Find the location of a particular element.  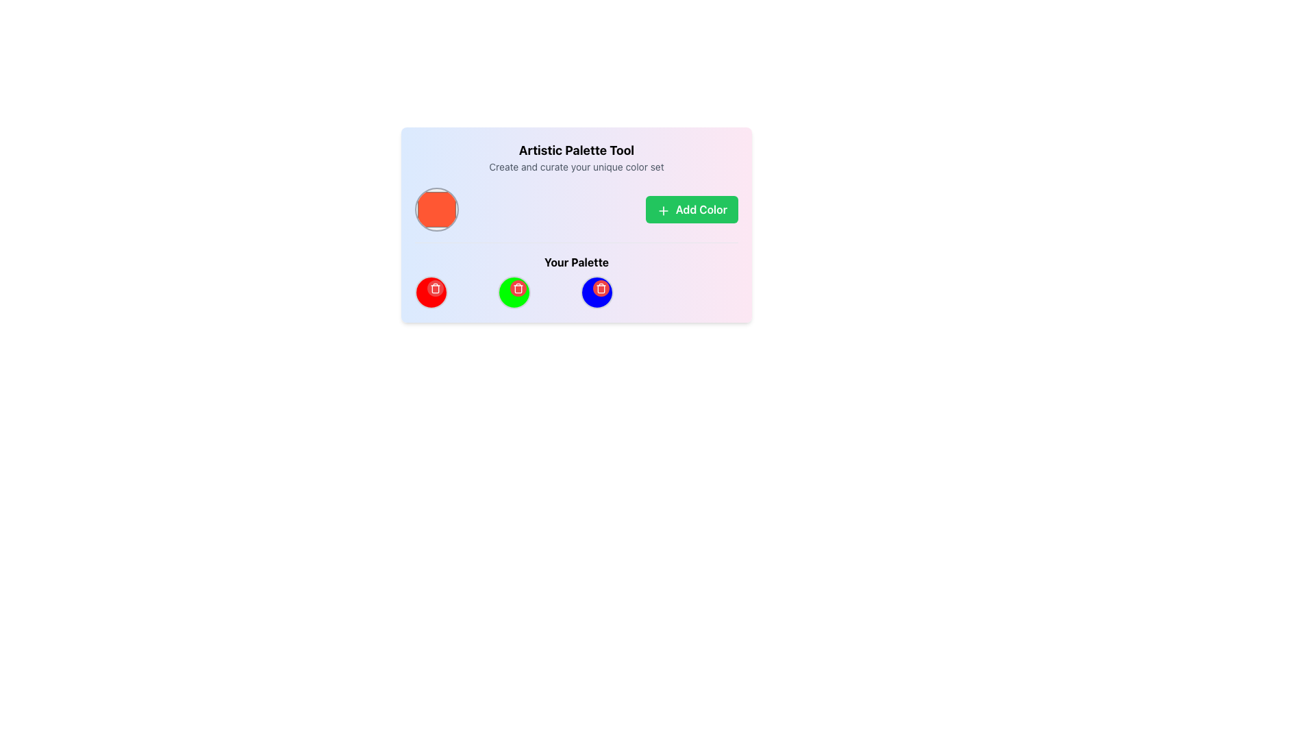

the trash can icon nested within the red circular button in the bottom row labeled 'Your Palette' is located at coordinates (601, 287).